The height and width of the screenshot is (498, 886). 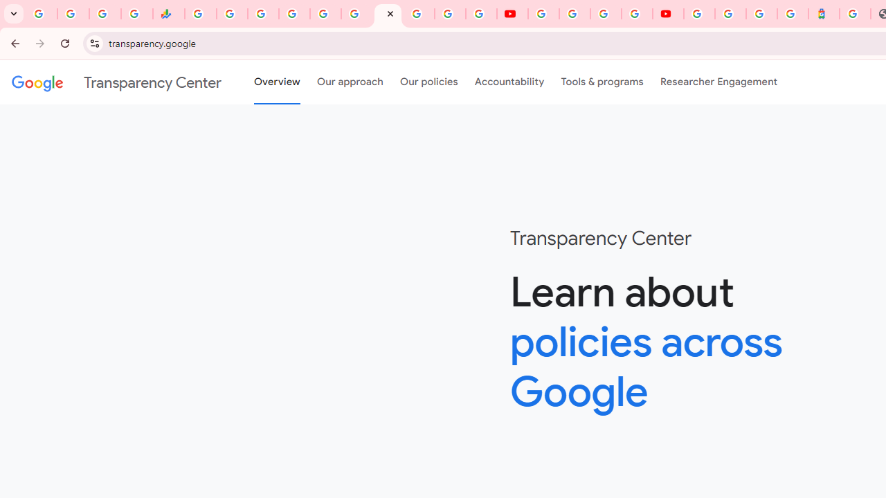 I want to click on 'Researcher Engagement', so click(x=718, y=82).